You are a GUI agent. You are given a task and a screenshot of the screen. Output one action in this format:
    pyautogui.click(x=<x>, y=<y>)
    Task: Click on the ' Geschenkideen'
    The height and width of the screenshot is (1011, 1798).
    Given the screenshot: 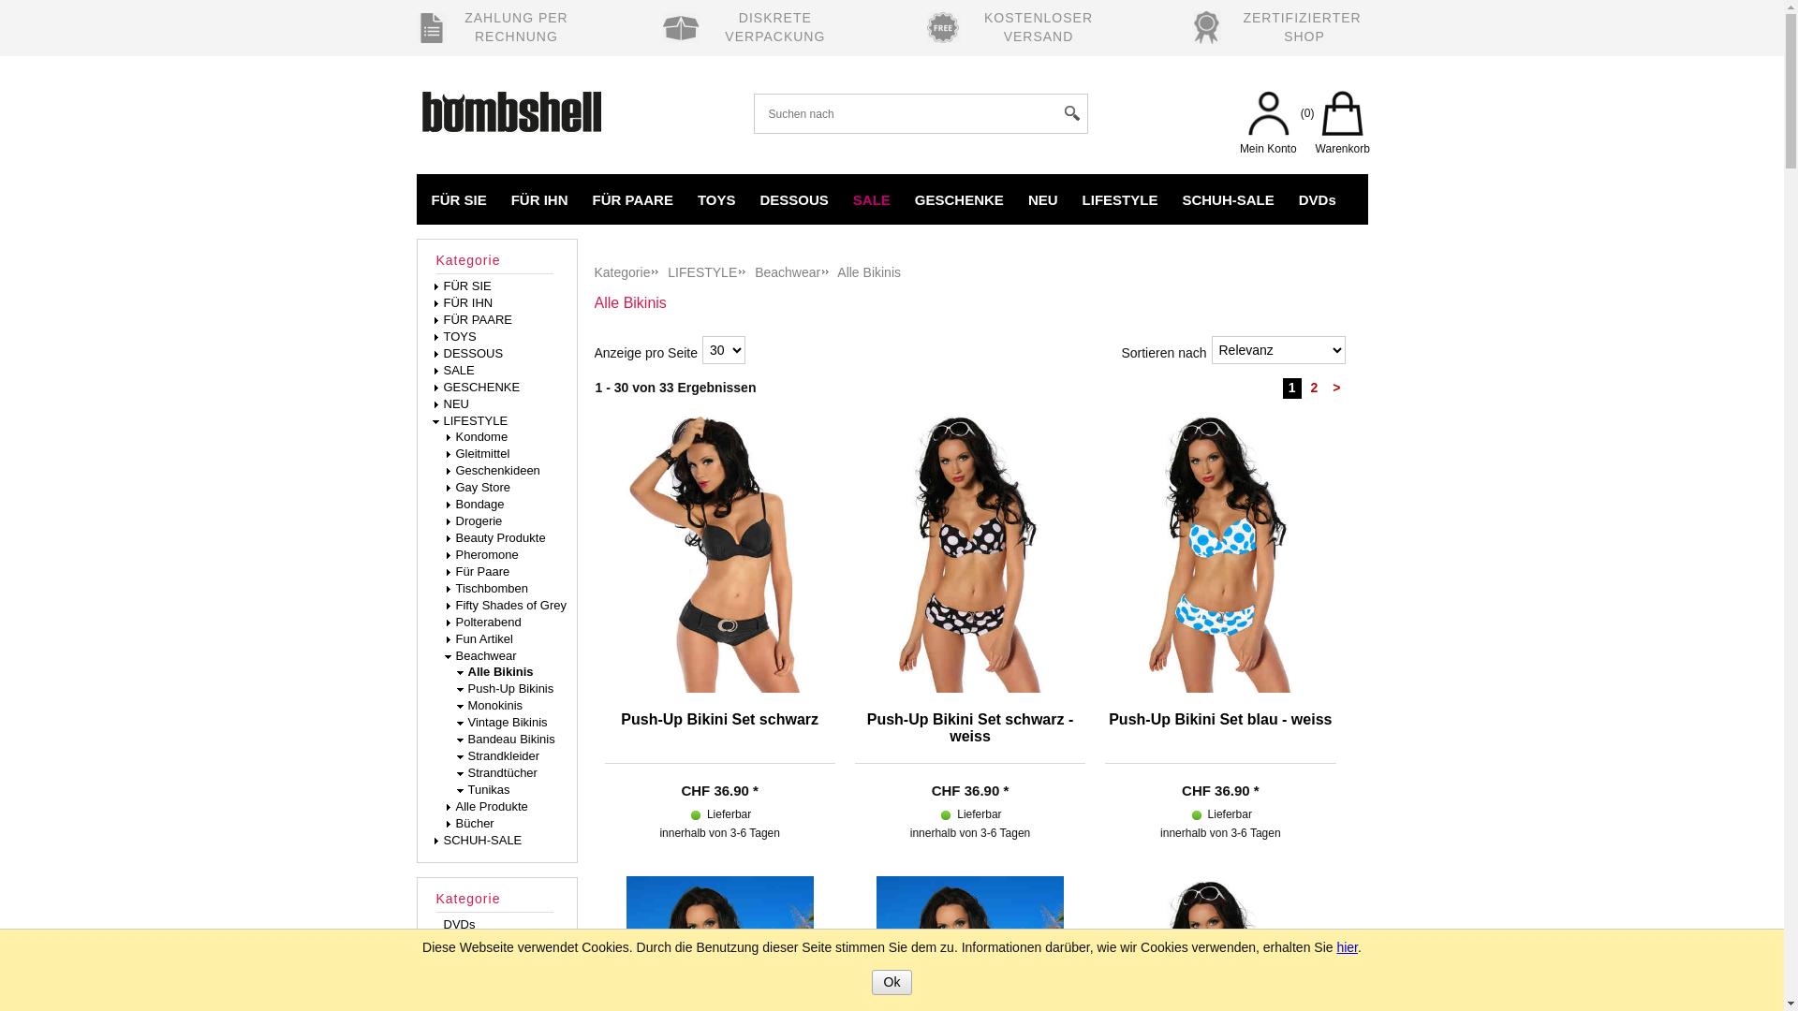 What is the action you would take?
    pyautogui.click(x=498, y=469)
    